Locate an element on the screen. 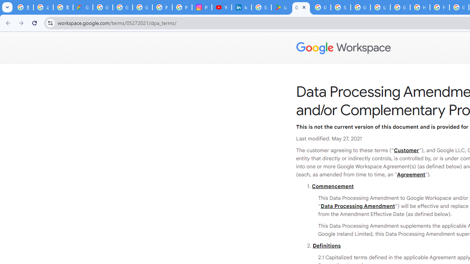  'YouTube Culture & Trends - On The Rise: Handcam Videos' is located at coordinates (221, 7).